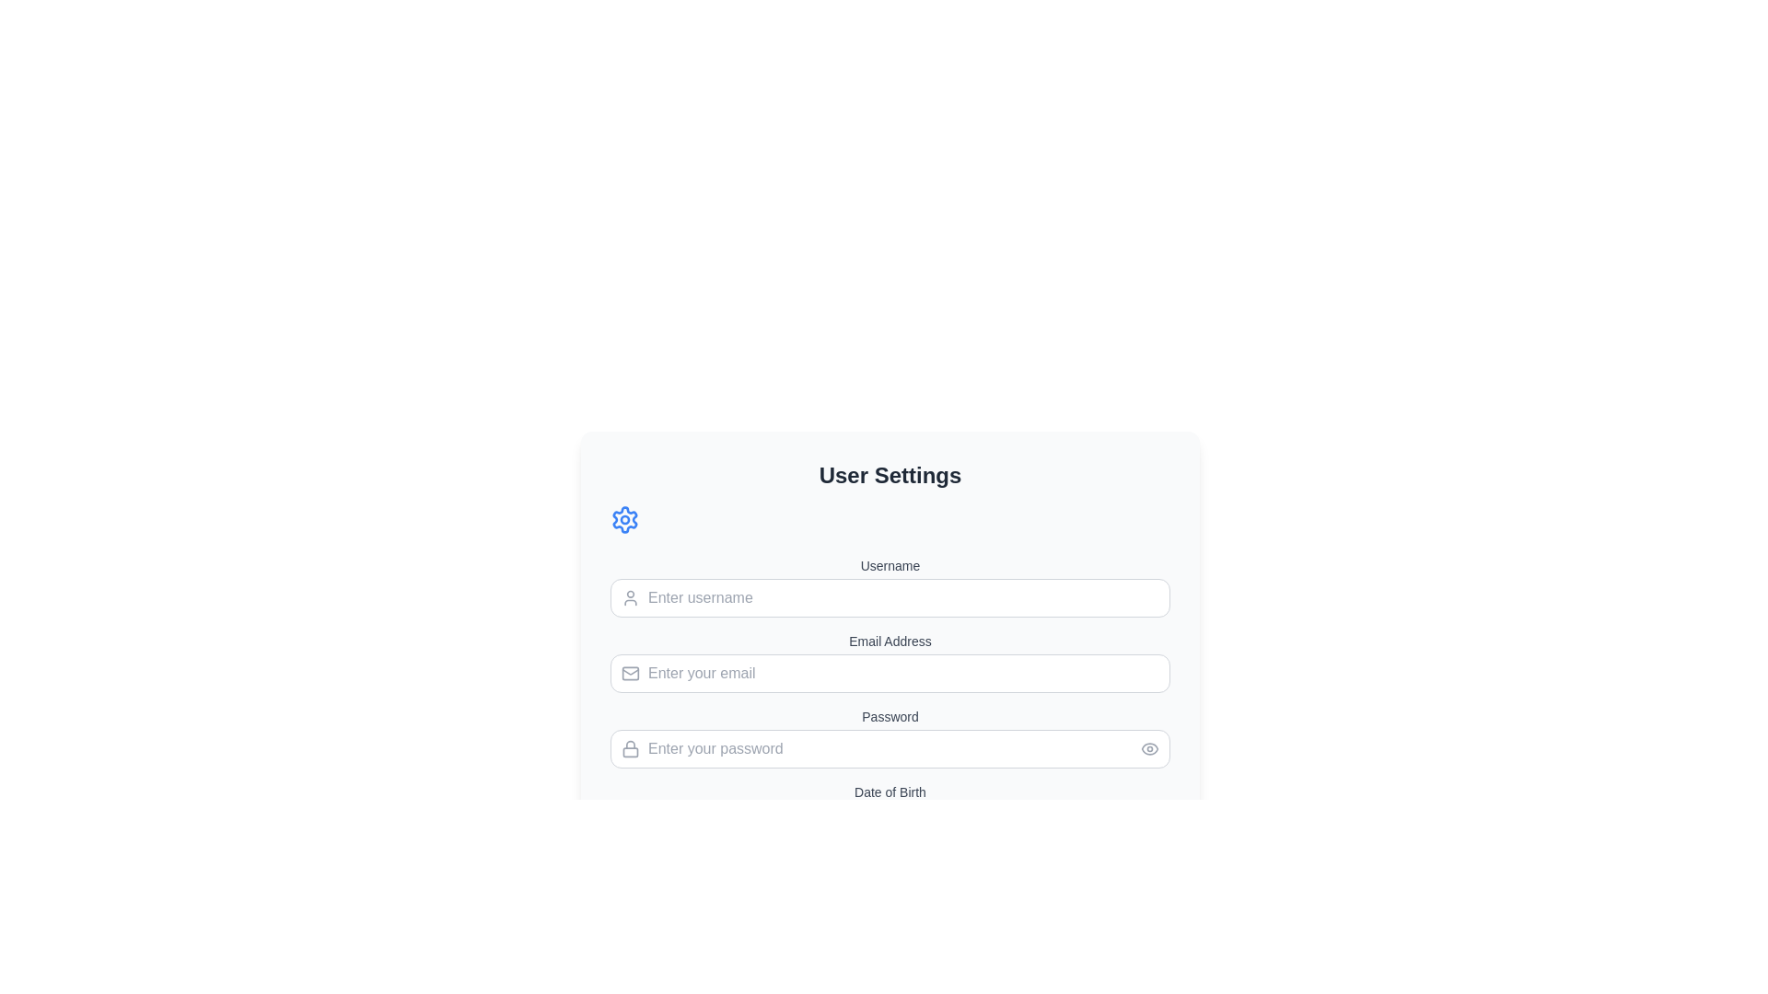  I want to click on the settings icon (cogwheel) positioned directly to the left of the 'User Settings' title, so click(624, 519).